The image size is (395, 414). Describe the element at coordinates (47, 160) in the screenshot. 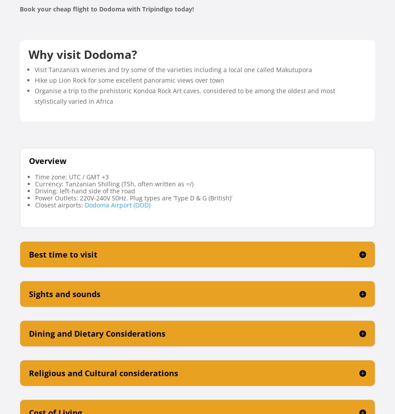

I see `'Overview'` at that location.